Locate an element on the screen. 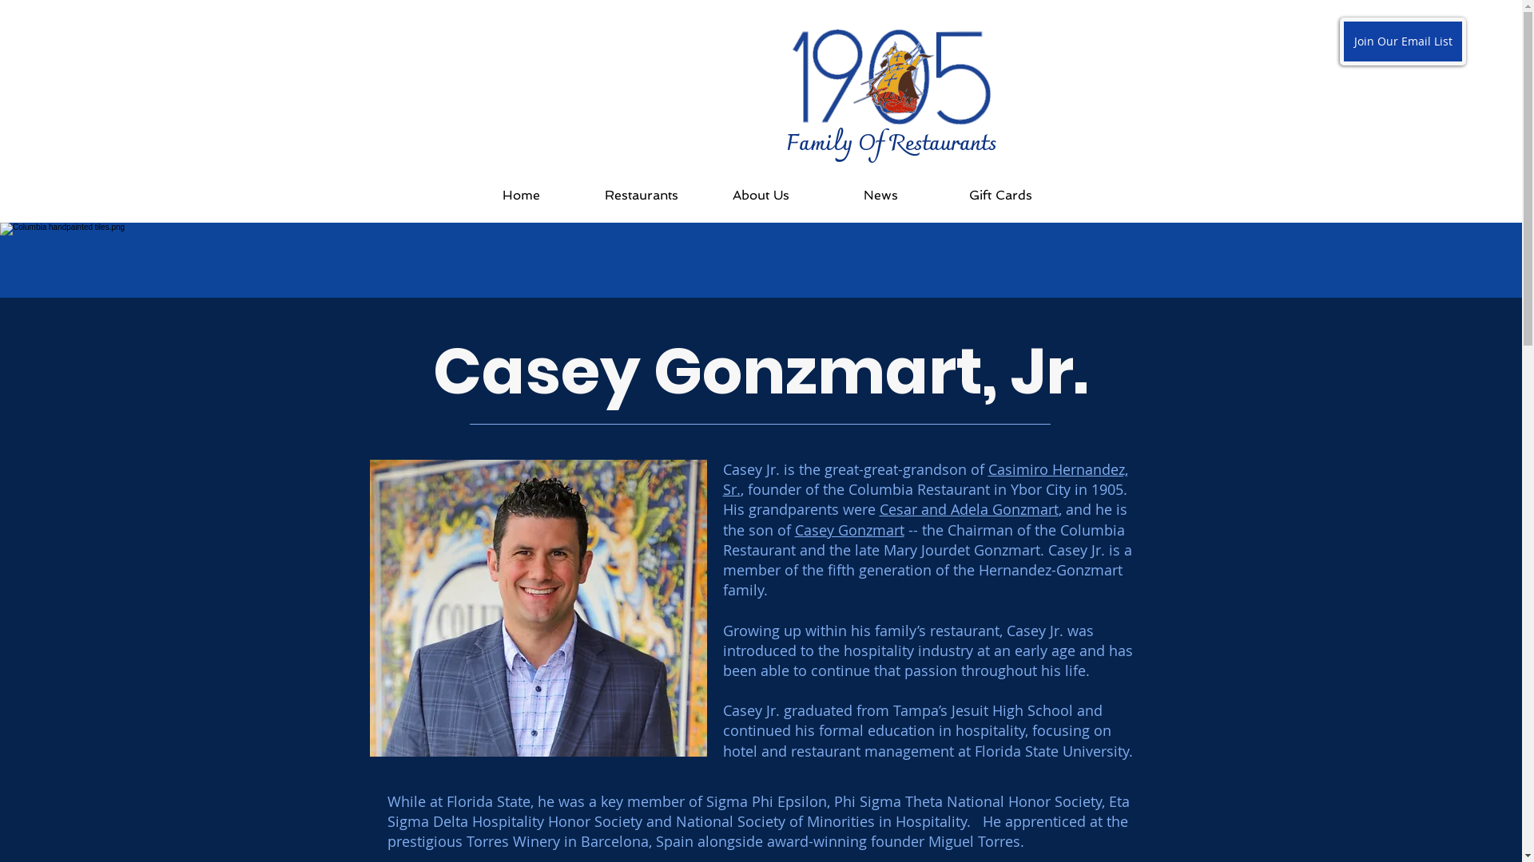  'Gift Cards' is located at coordinates (999, 195).